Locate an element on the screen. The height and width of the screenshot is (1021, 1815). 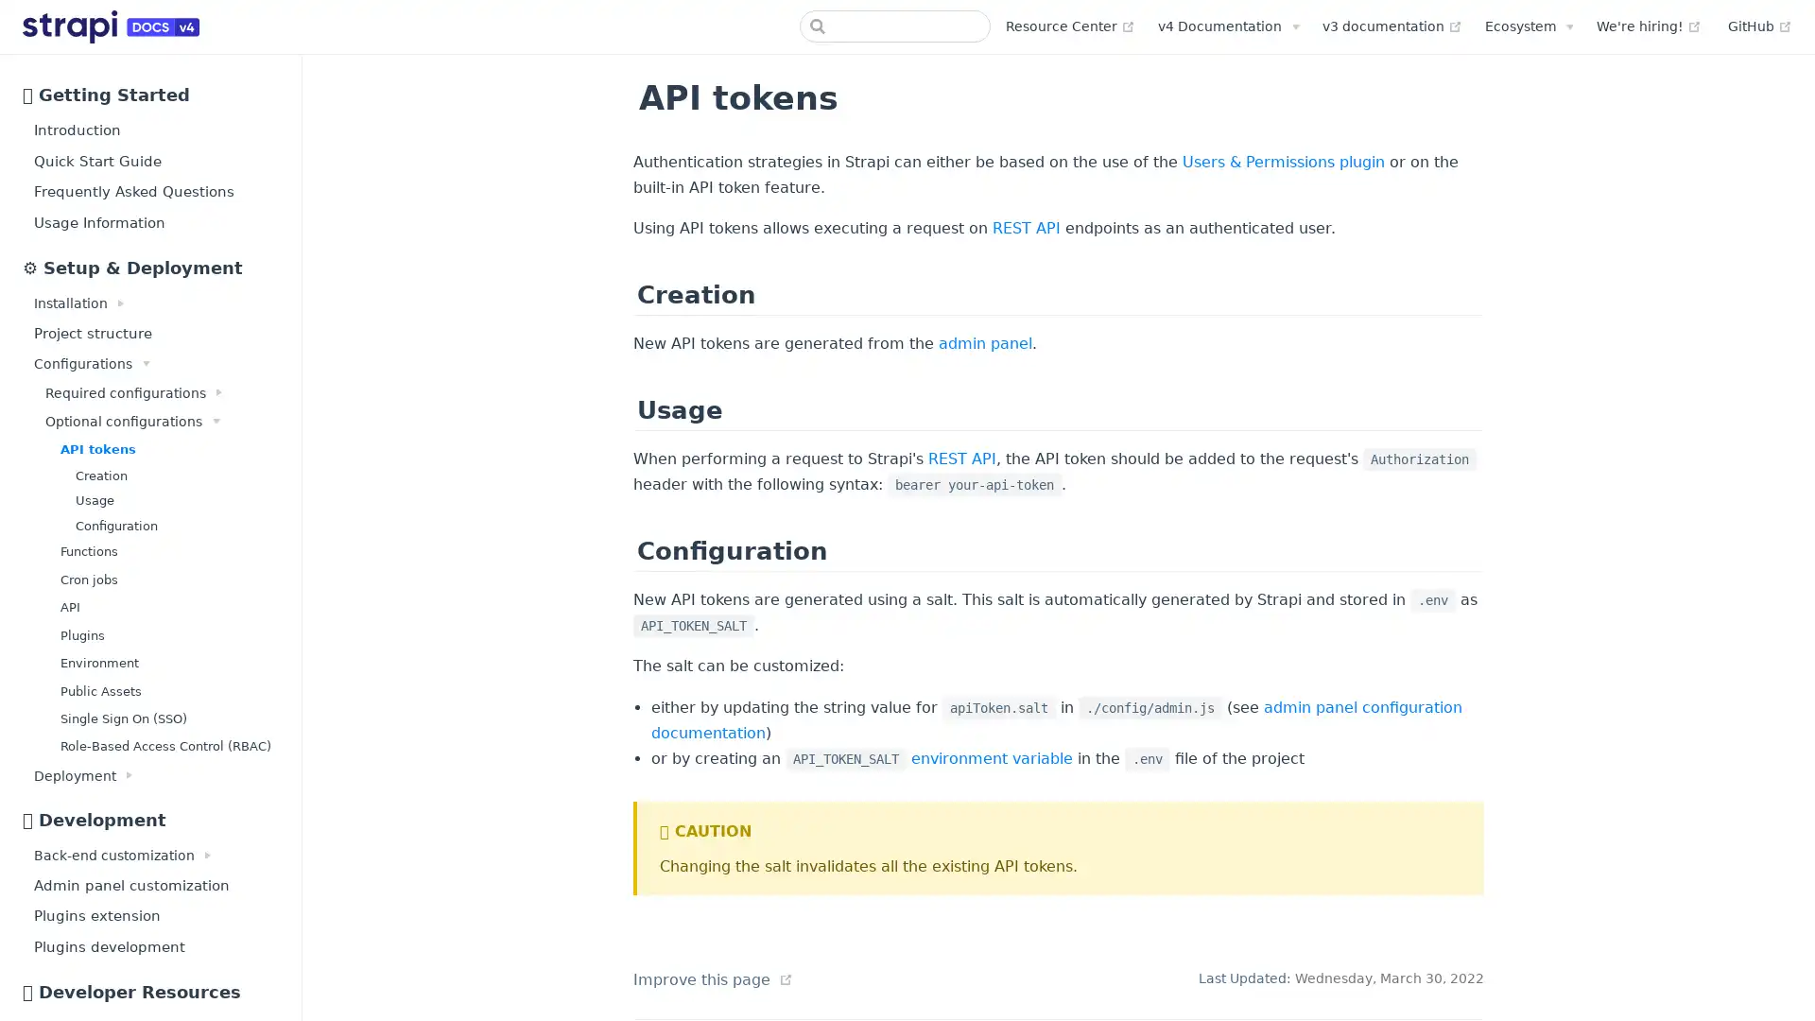
Ecosystem is located at coordinates (1529, 26).